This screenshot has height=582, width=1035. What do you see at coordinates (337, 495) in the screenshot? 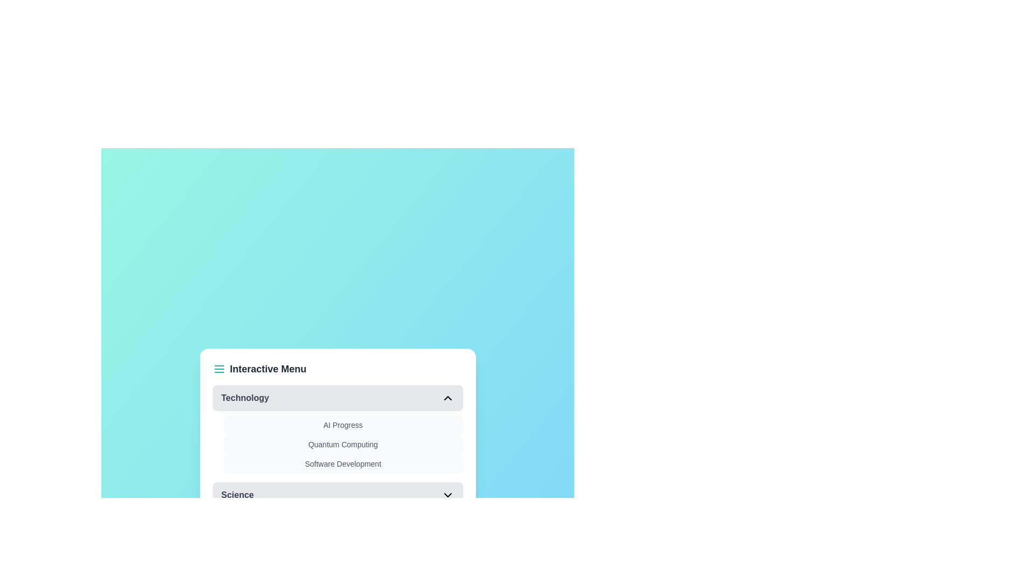
I see `the Science Header to observe the hover effect` at bounding box center [337, 495].